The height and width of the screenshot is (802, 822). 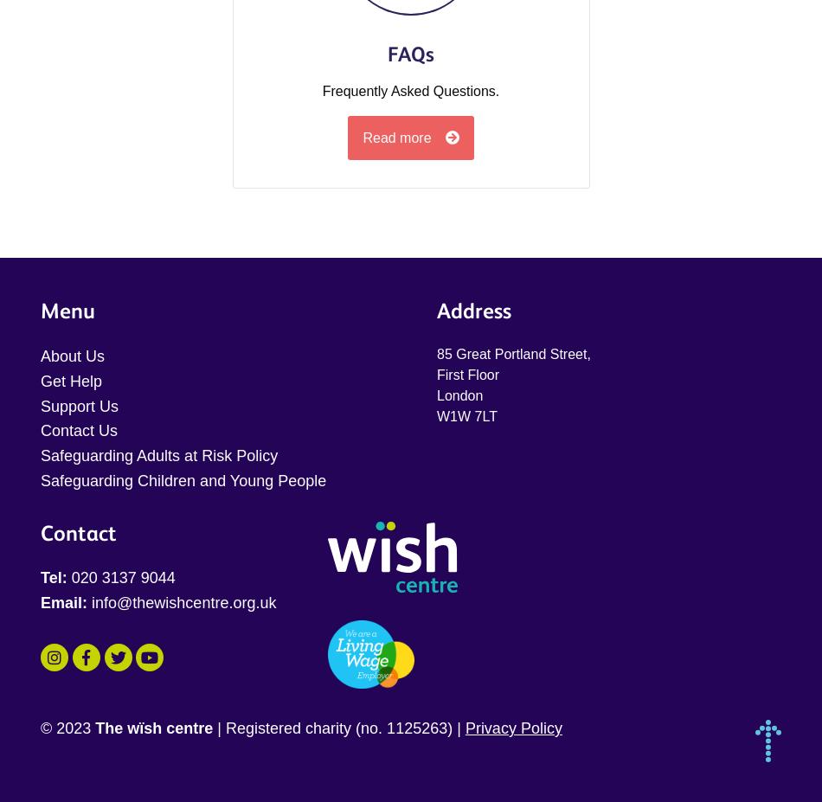 What do you see at coordinates (41, 405) in the screenshot?
I see `'Support Us'` at bounding box center [41, 405].